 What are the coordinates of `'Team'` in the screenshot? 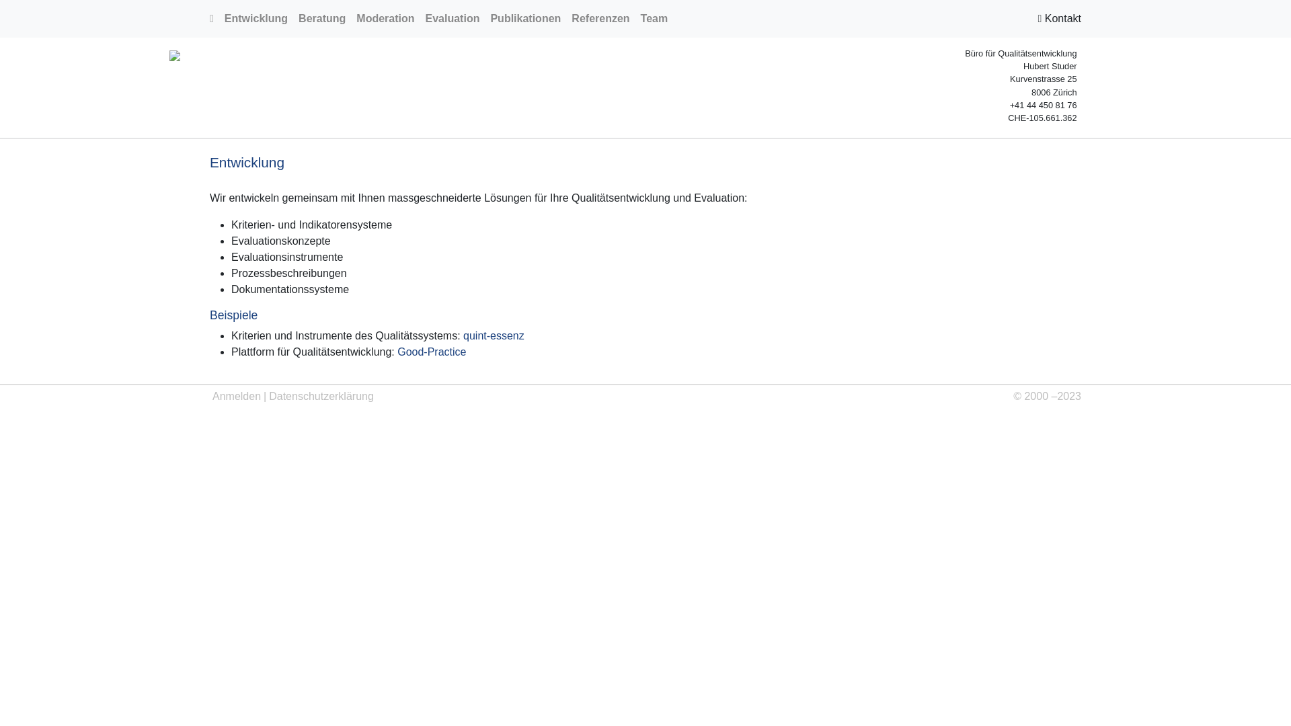 It's located at (654, 18).